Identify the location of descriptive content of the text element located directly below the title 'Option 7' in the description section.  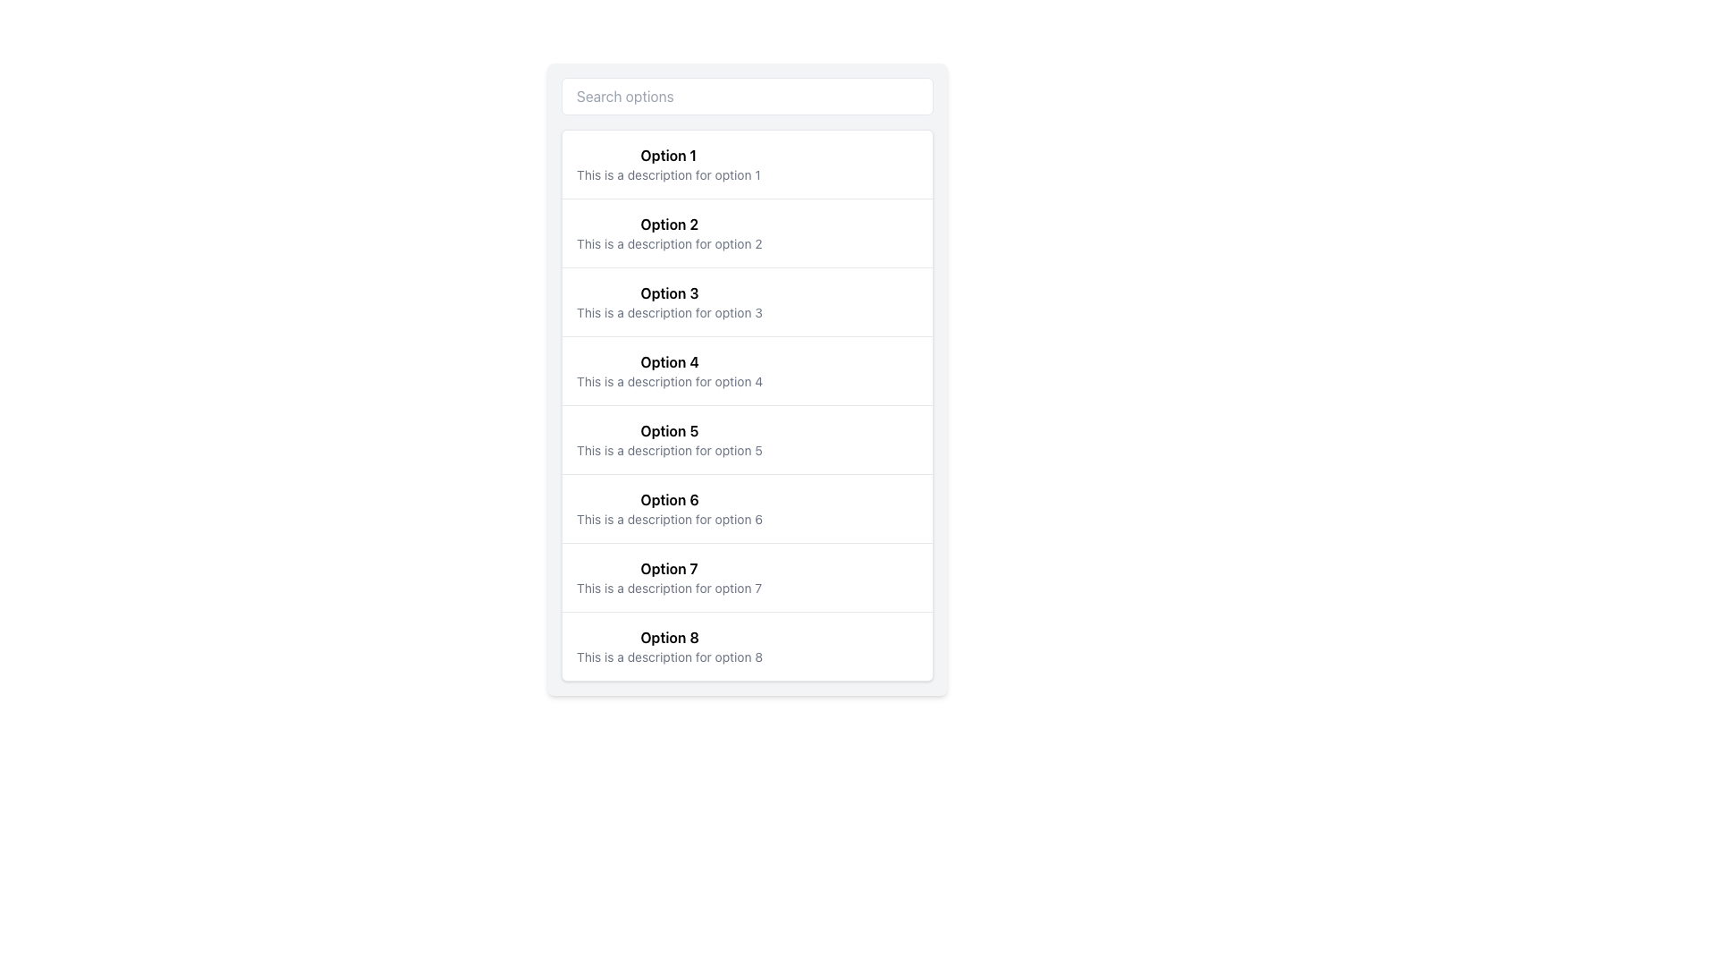
(668, 589).